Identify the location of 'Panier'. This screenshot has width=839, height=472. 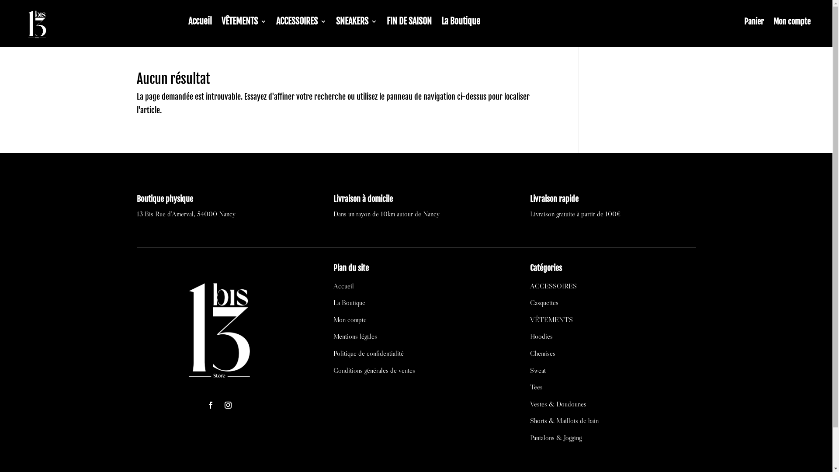
(753, 23).